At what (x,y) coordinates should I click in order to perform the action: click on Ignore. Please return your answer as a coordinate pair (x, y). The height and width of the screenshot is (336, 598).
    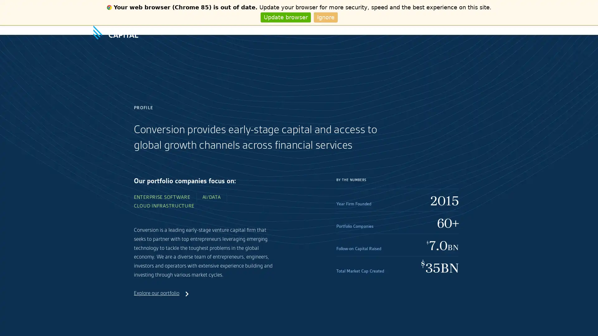
    Looking at the image, I should click on (325, 17).